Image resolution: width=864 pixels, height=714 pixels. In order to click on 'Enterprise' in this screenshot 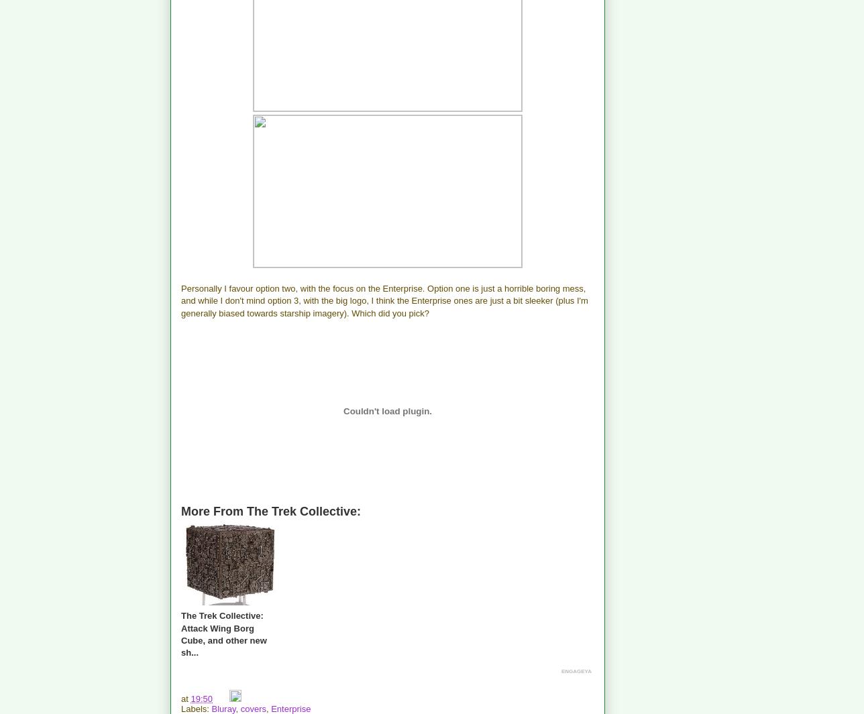, I will do `click(290, 708)`.